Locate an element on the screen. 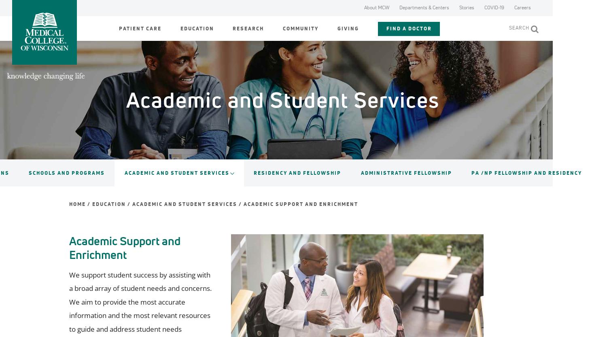 The height and width of the screenshot is (337, 592). 'COVID-19' is located at coordinates (494, 7).